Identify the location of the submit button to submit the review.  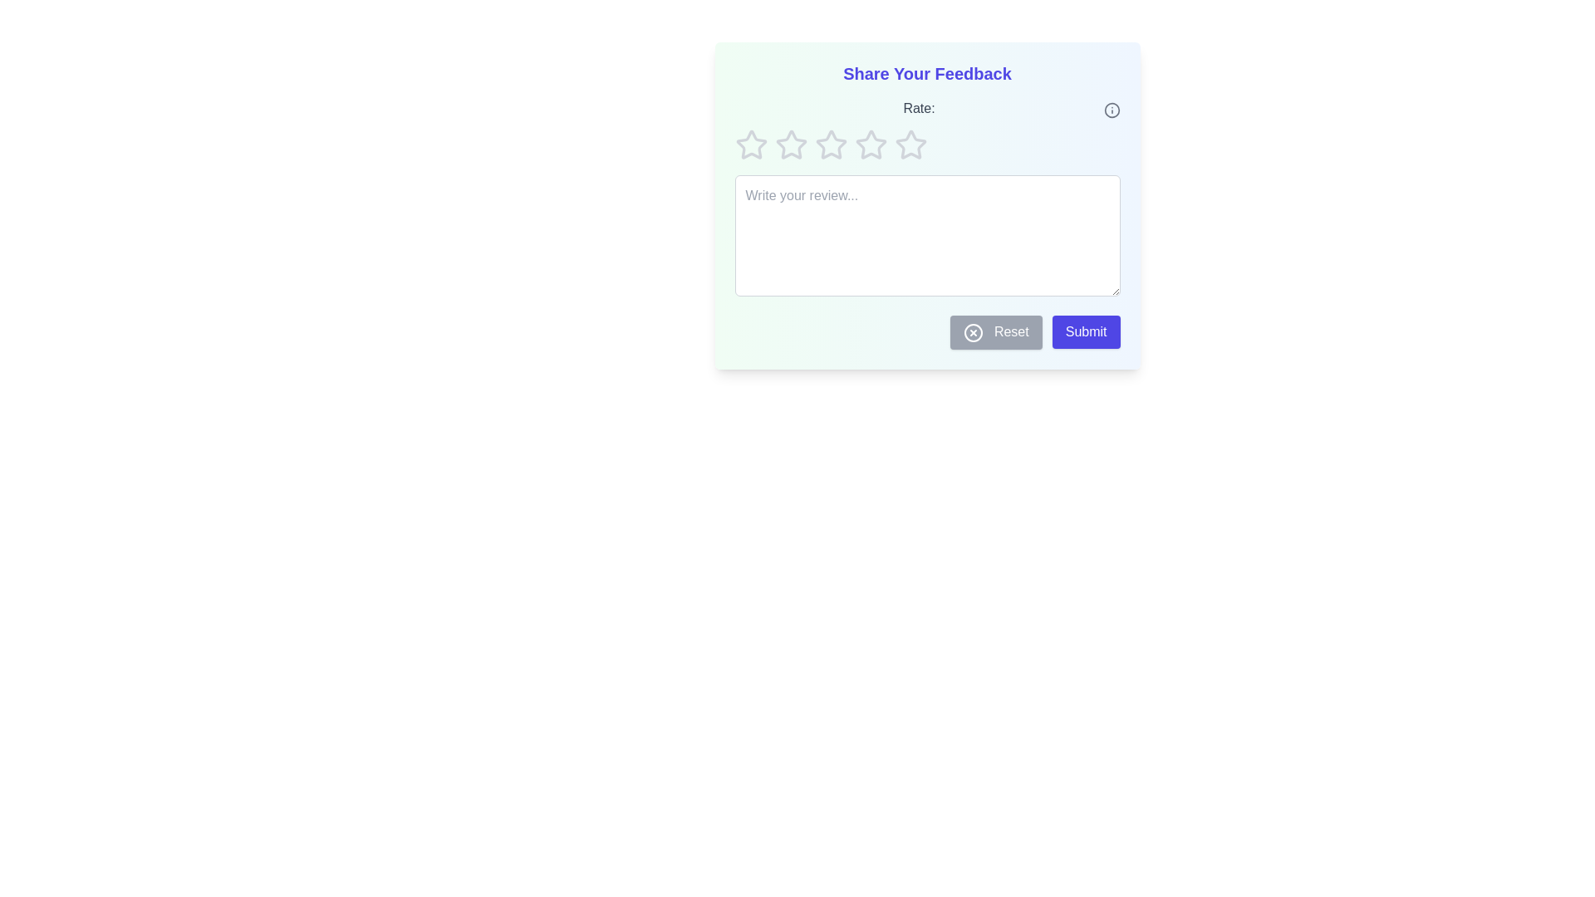
(1086, 332).